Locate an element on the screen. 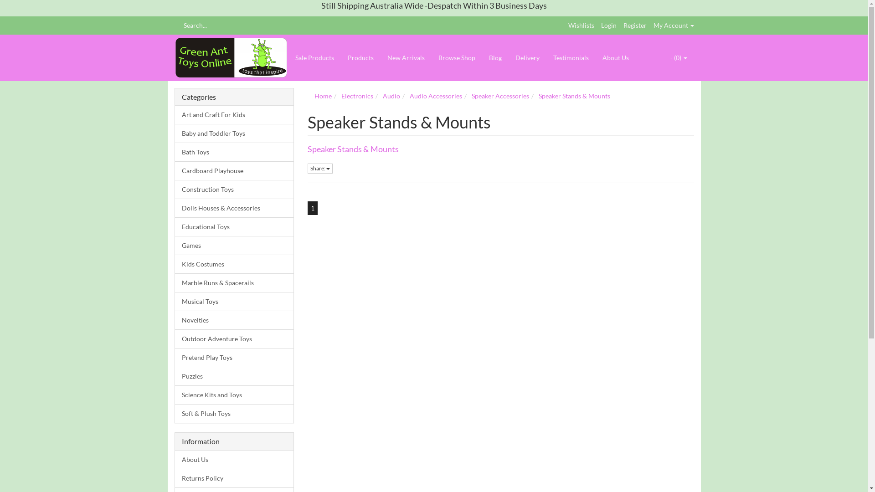 This screenshot has width=875, height=492. 'Audio Accessories' is located at coordinates (435, 96).